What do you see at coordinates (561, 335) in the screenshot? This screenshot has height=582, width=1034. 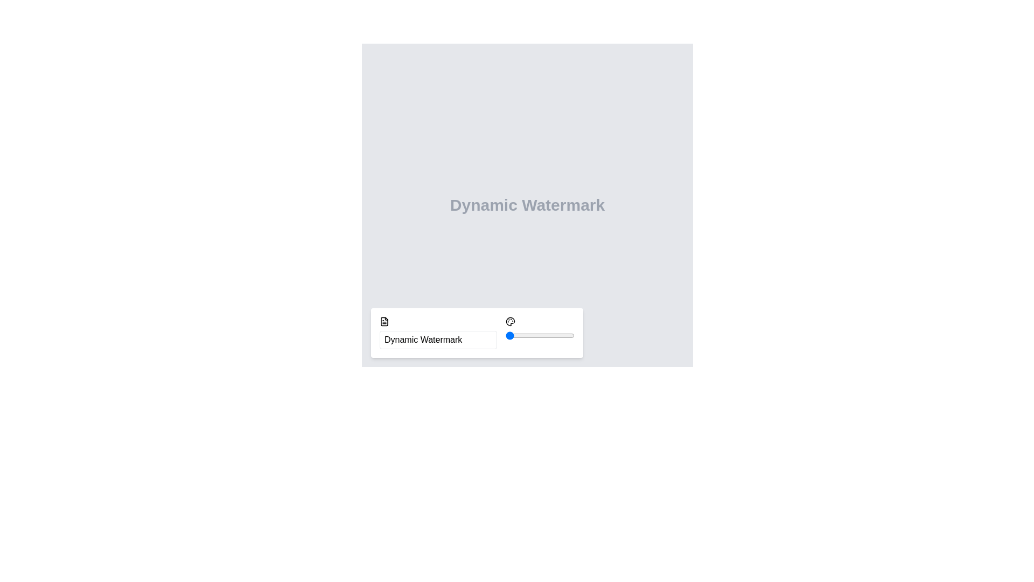 I see `rotation angle` at bounding box center [561, 335].